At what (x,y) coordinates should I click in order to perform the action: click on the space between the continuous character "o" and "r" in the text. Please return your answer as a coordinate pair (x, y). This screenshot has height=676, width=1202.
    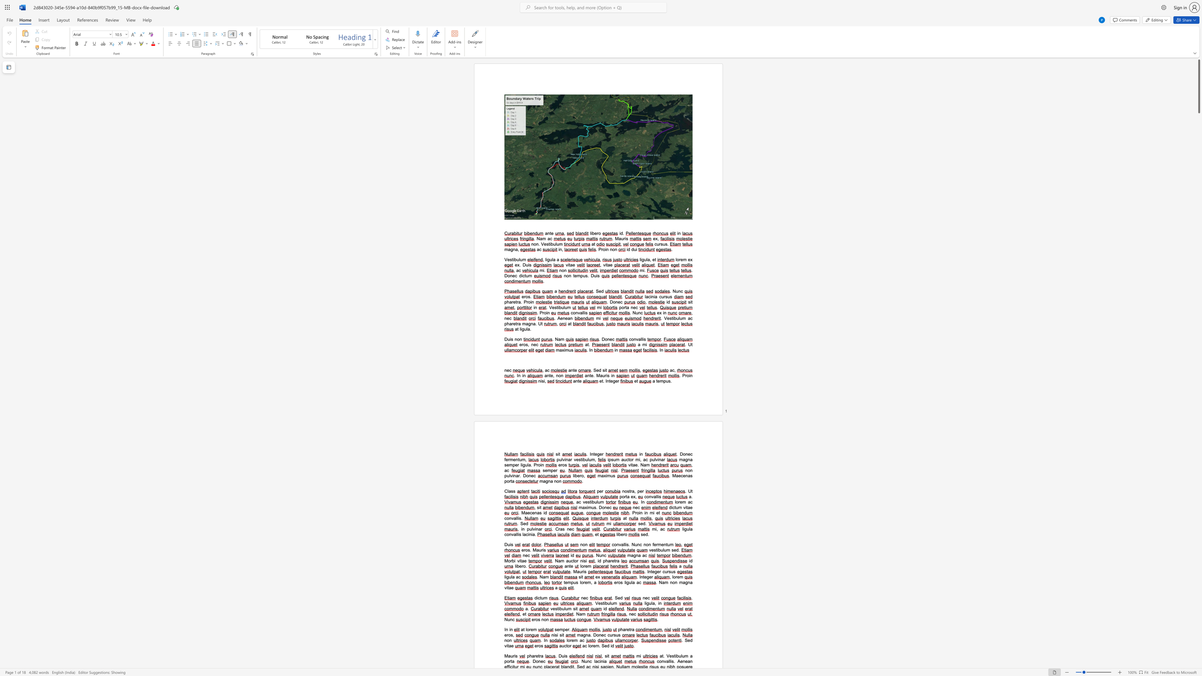
    Looking at the image, I should click on (624, 496).